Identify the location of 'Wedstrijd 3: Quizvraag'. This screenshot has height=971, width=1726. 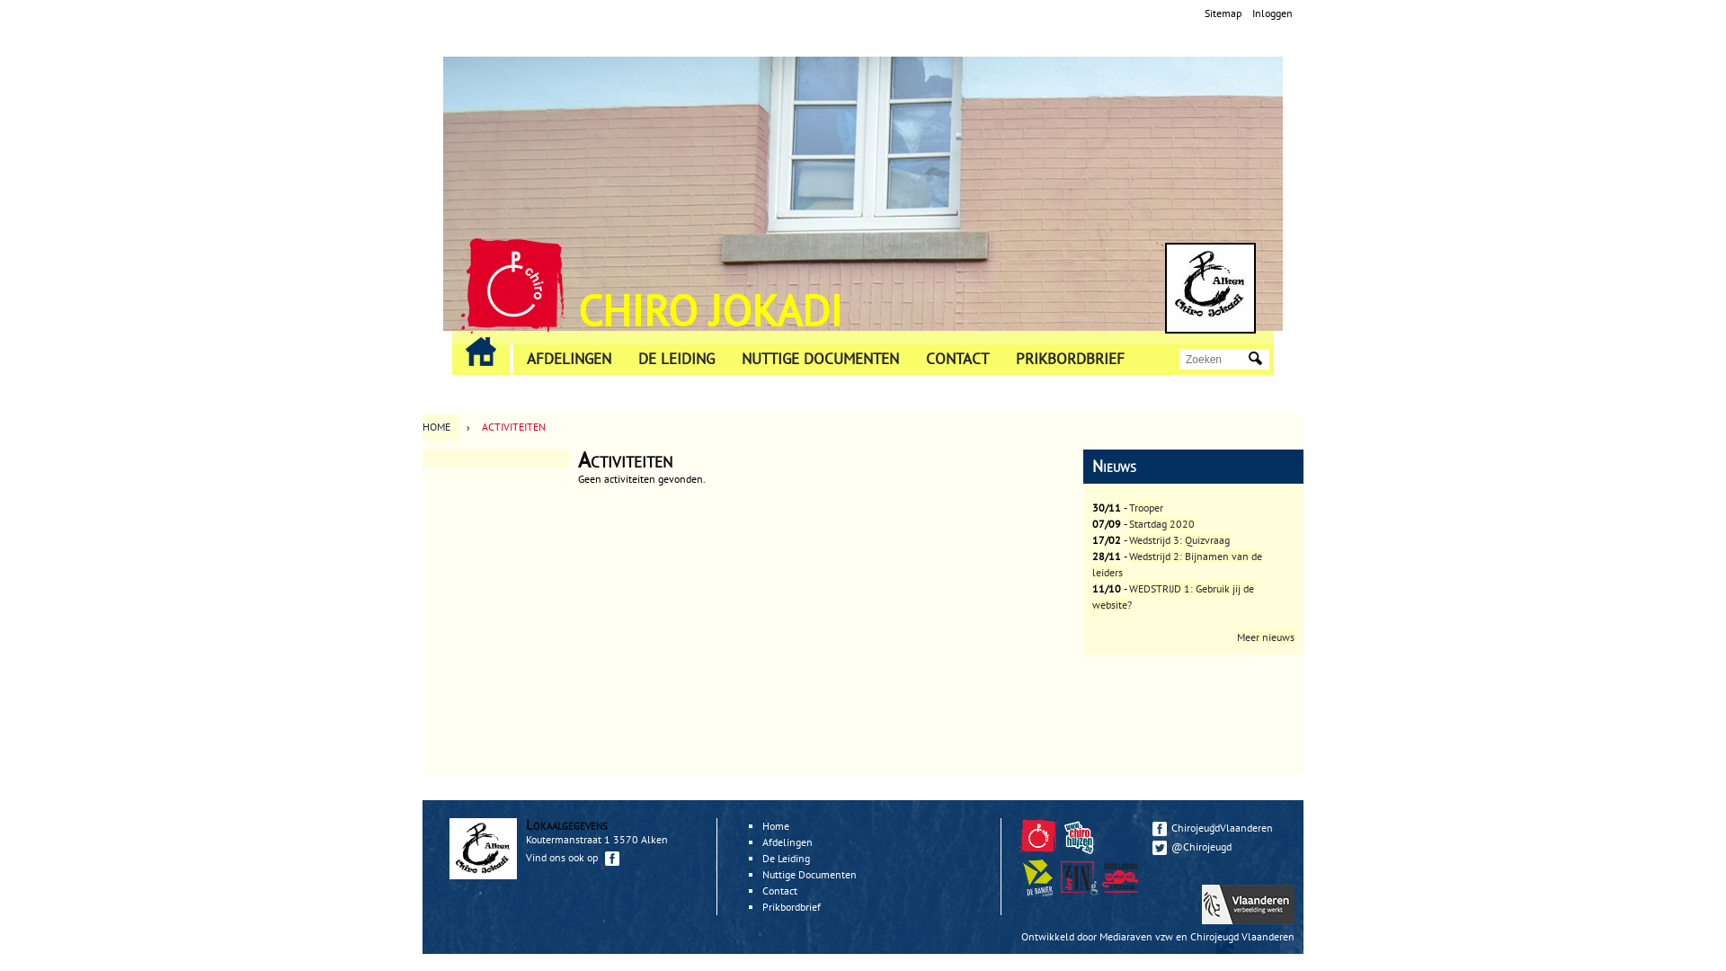
(1179, 539).